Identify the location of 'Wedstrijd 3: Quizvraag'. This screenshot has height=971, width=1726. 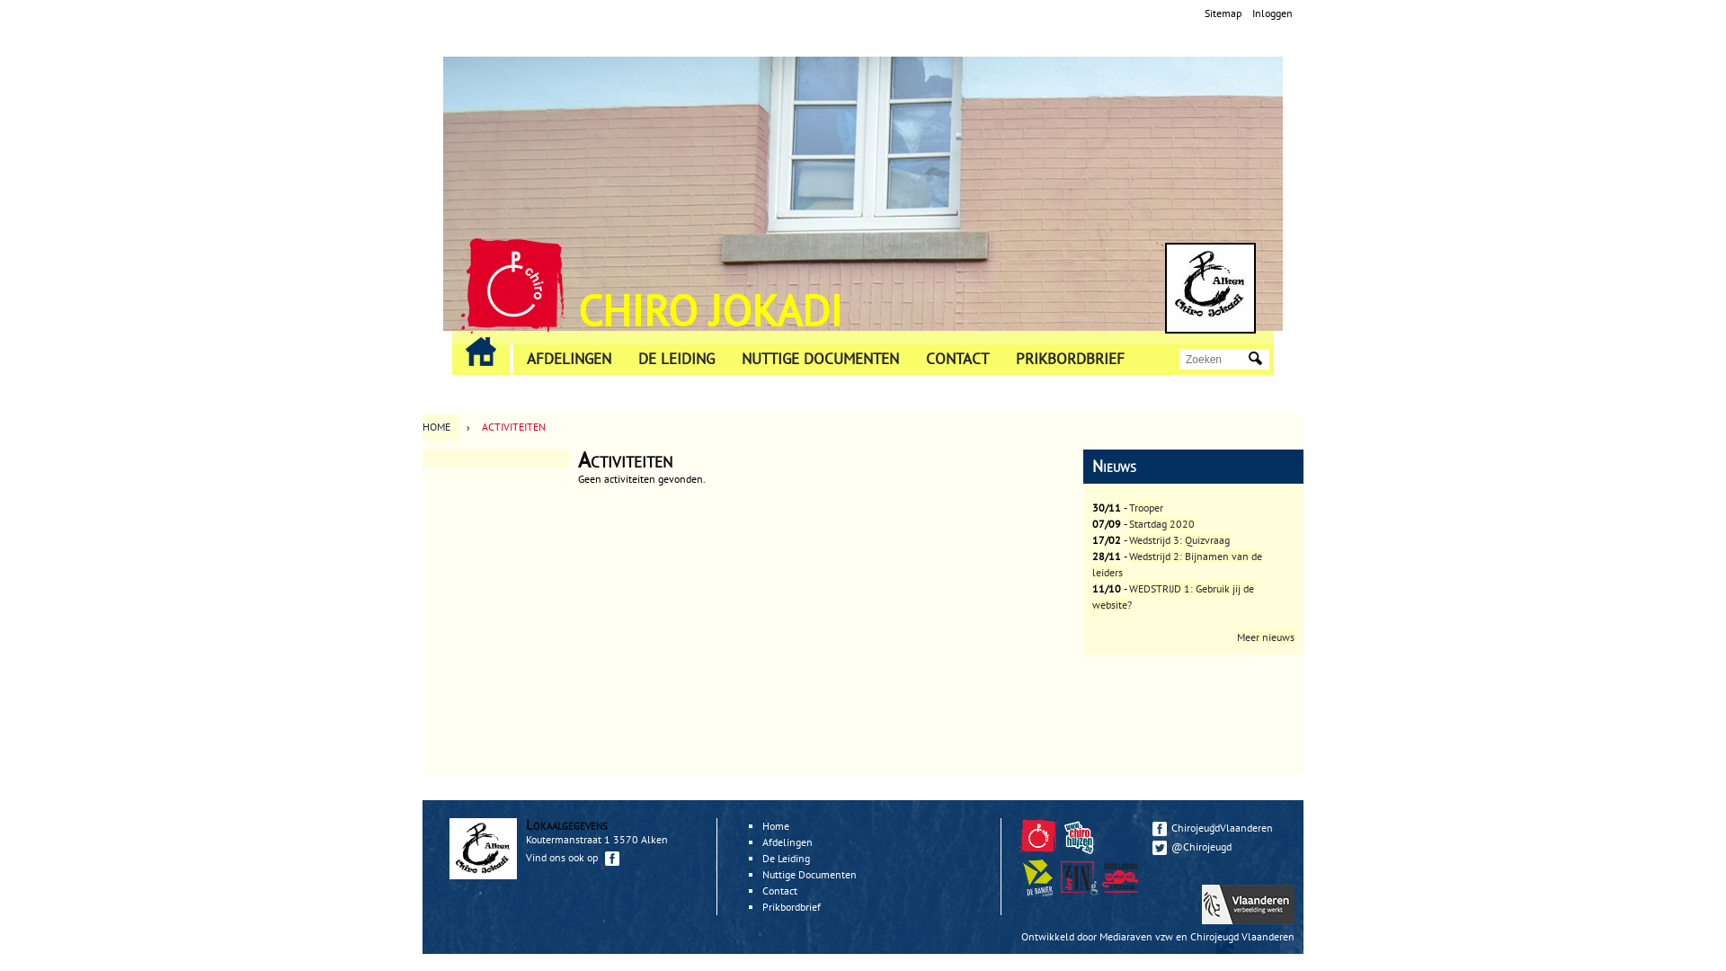
(1179, 539).